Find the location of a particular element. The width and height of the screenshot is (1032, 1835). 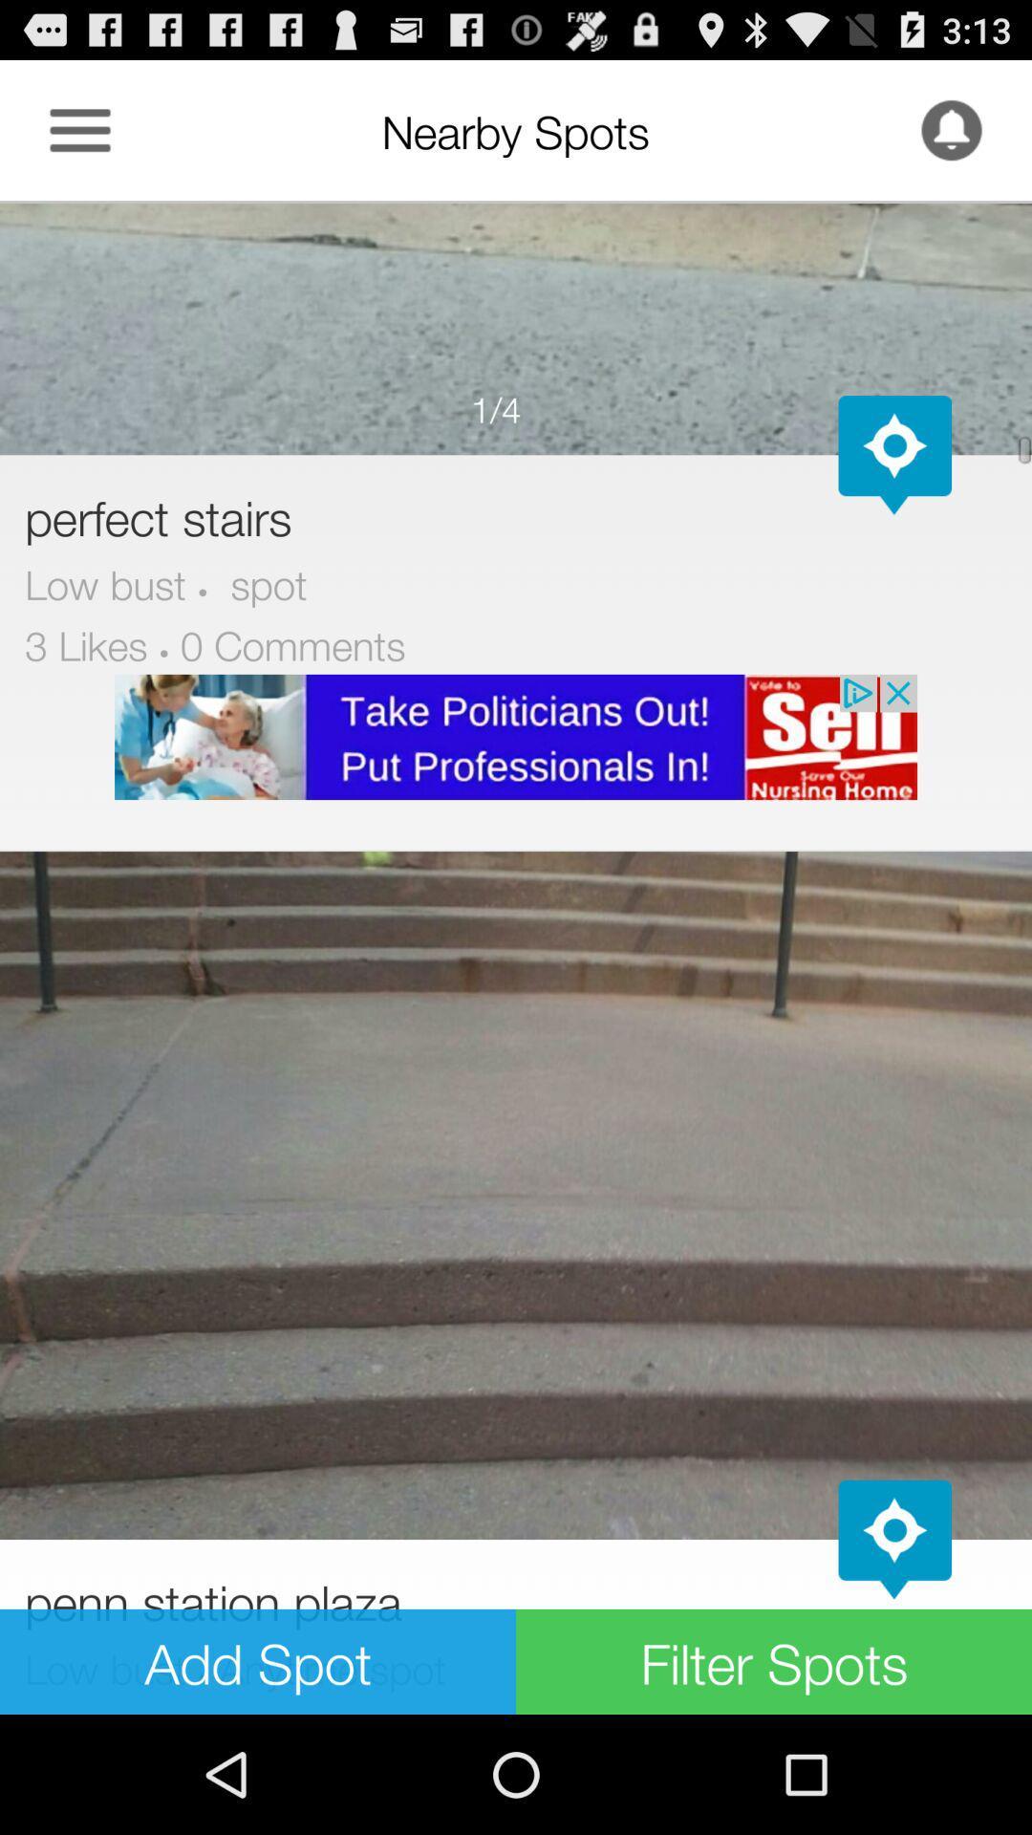

interactive image is located at coordinates (516, 328).